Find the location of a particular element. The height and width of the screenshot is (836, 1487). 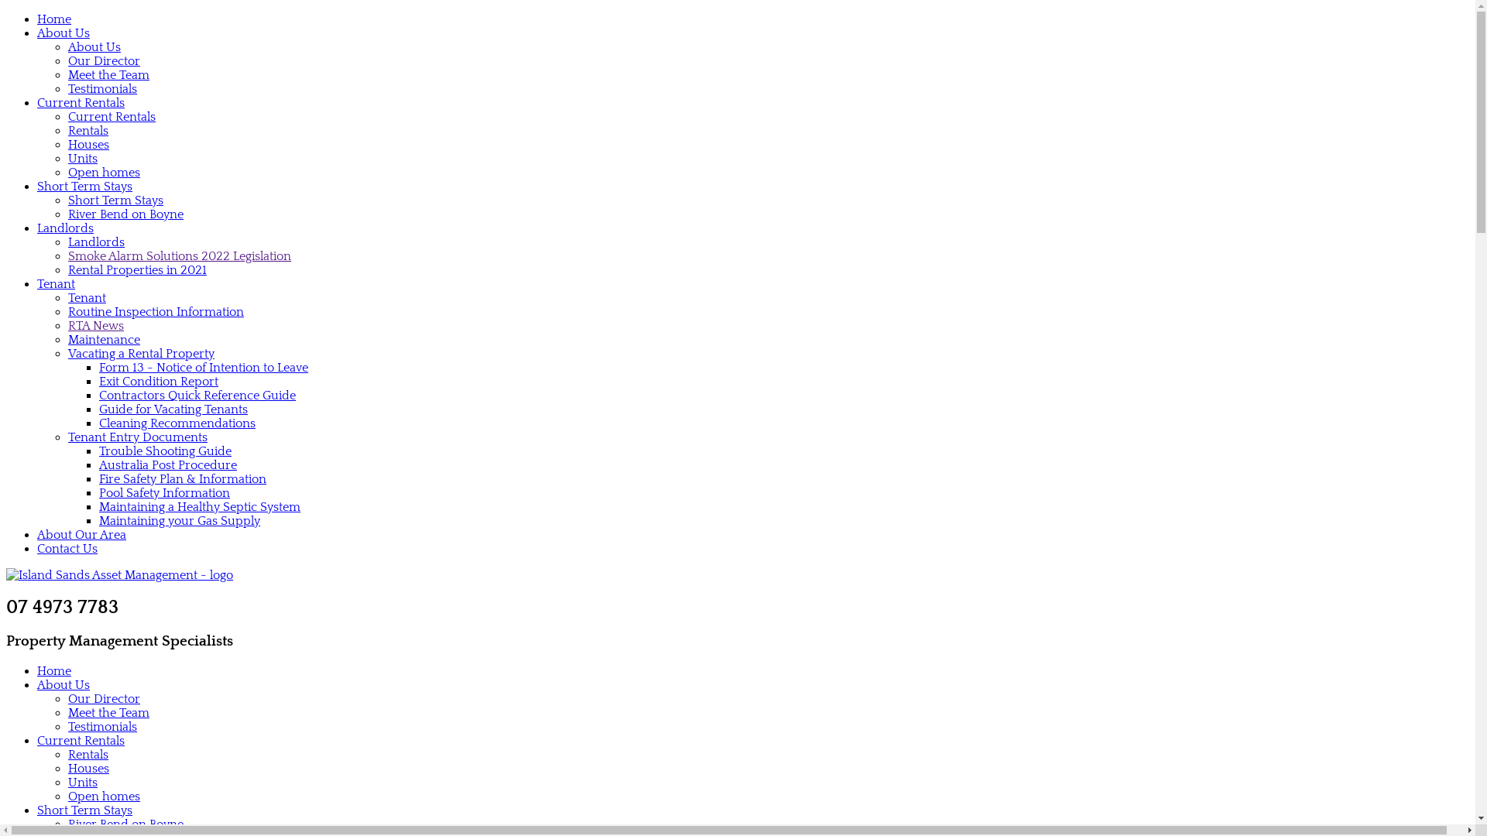

'Routine Inspection Information' is located at coordinates (156, 311).